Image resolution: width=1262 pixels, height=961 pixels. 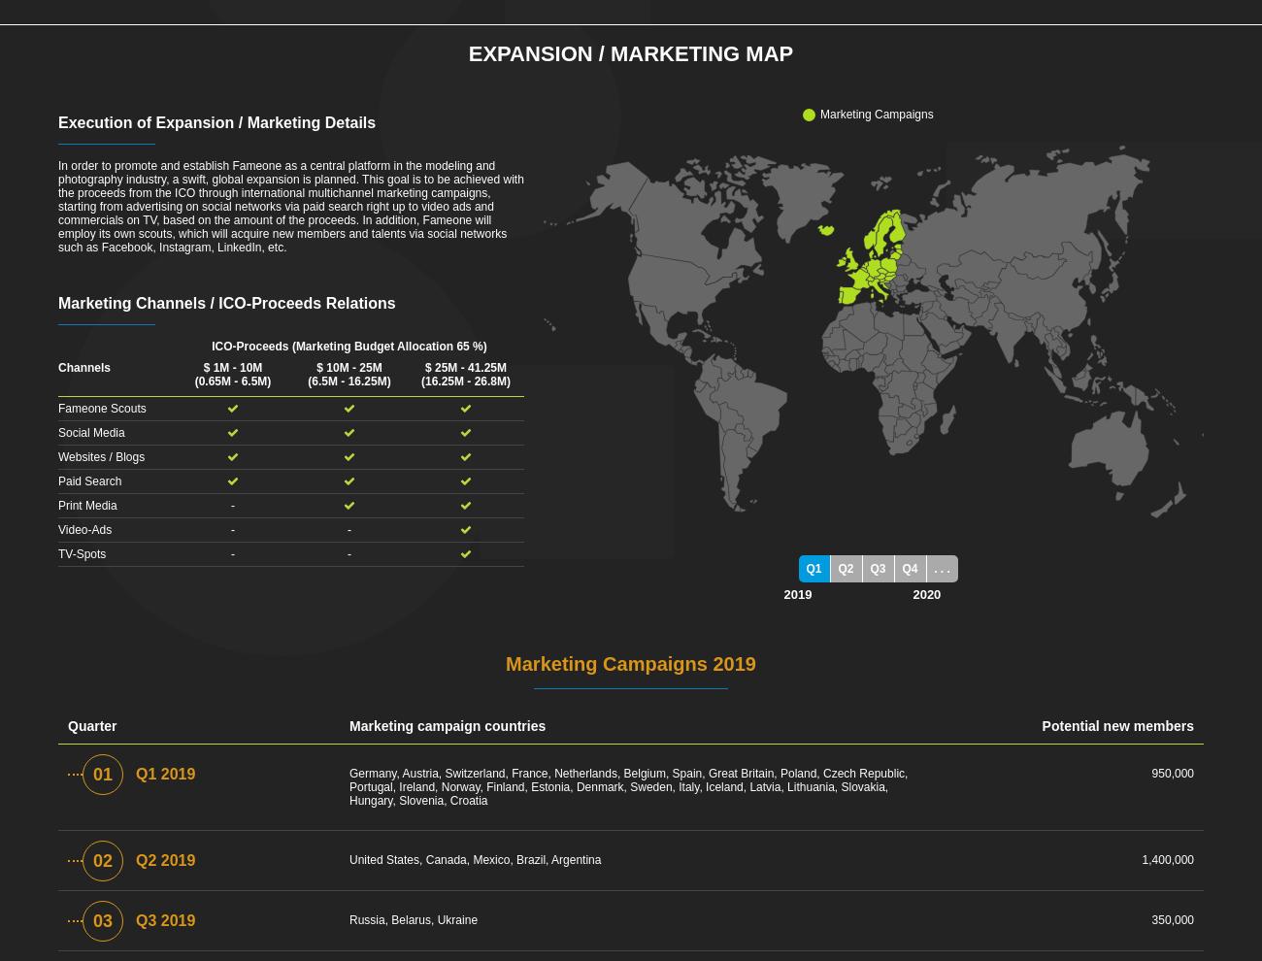 What do you see at coordinates (58, 302) in the screenshot?
I see `'Marketing Channels / ICO-Proceeds Relations'` at bounding box center [58, 302].